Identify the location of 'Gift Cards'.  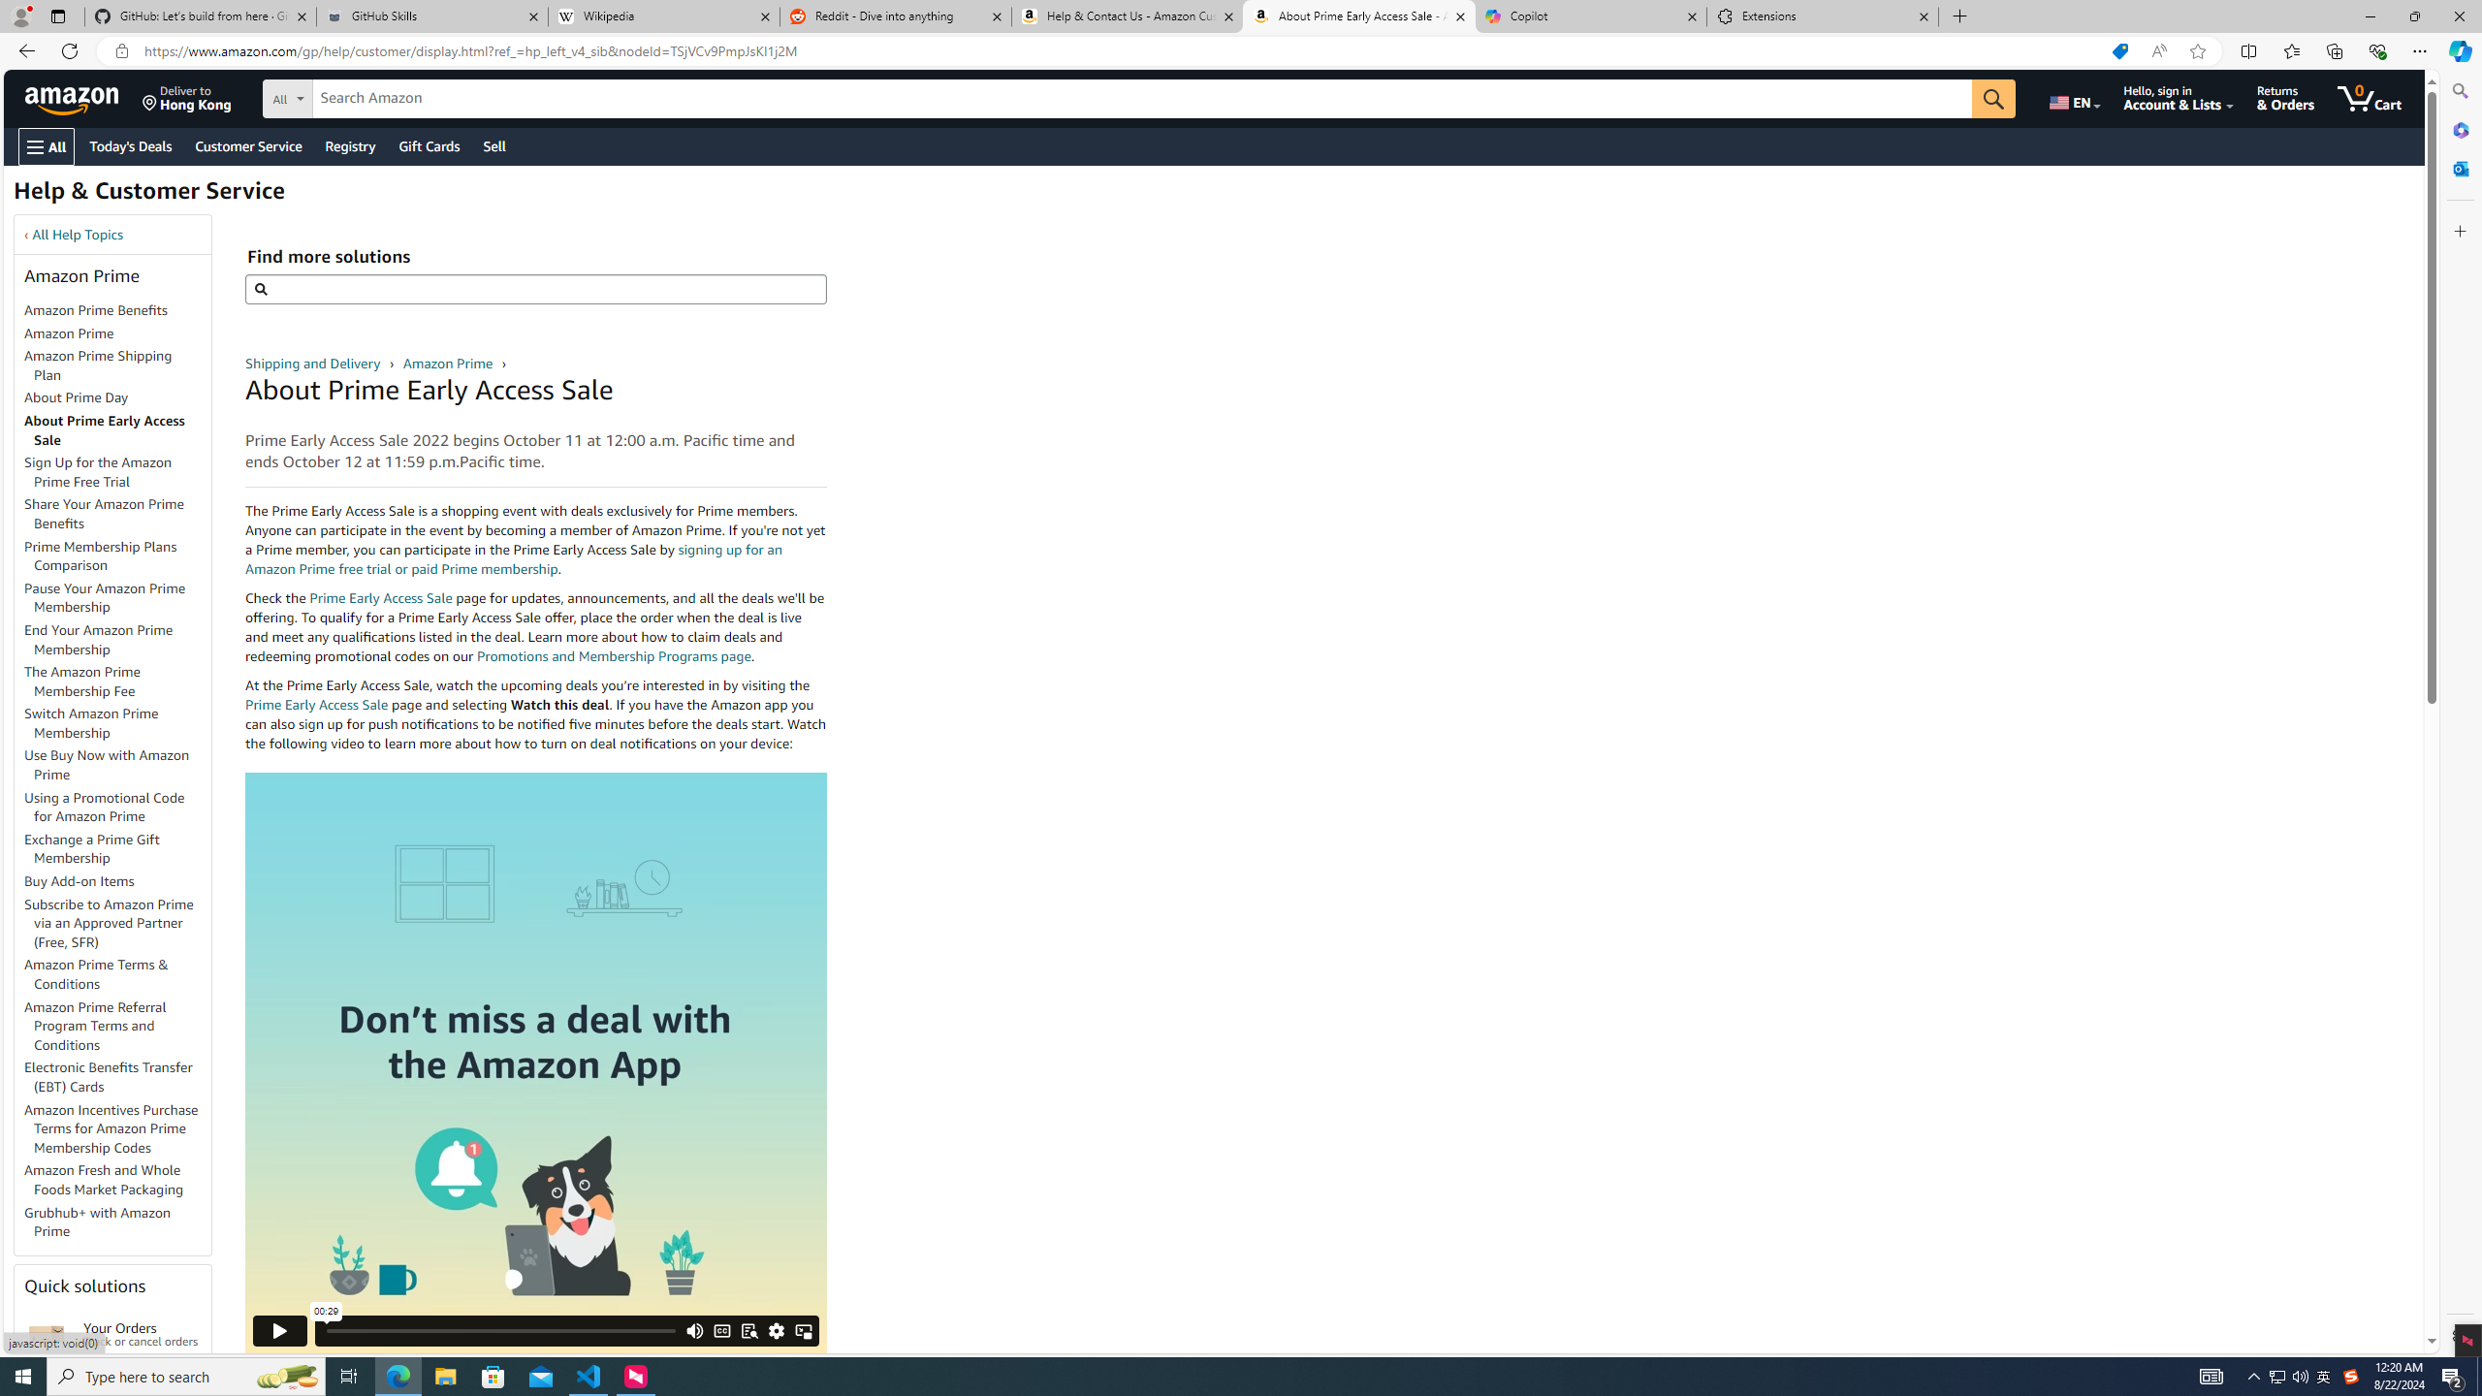
(428, 145).